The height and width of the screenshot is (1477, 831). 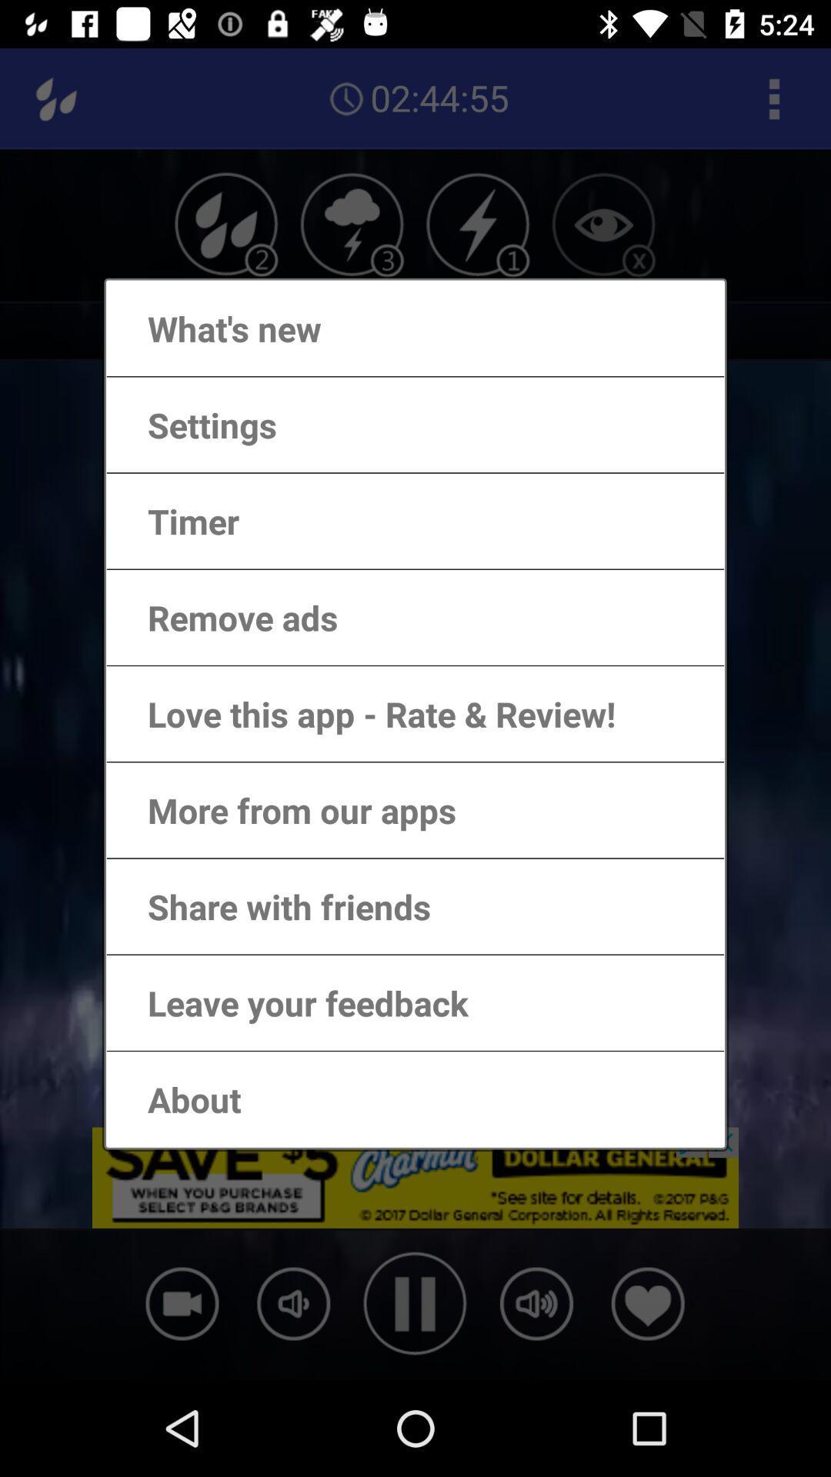 I want to click on item below the timer app, so click(x=227, y=617).